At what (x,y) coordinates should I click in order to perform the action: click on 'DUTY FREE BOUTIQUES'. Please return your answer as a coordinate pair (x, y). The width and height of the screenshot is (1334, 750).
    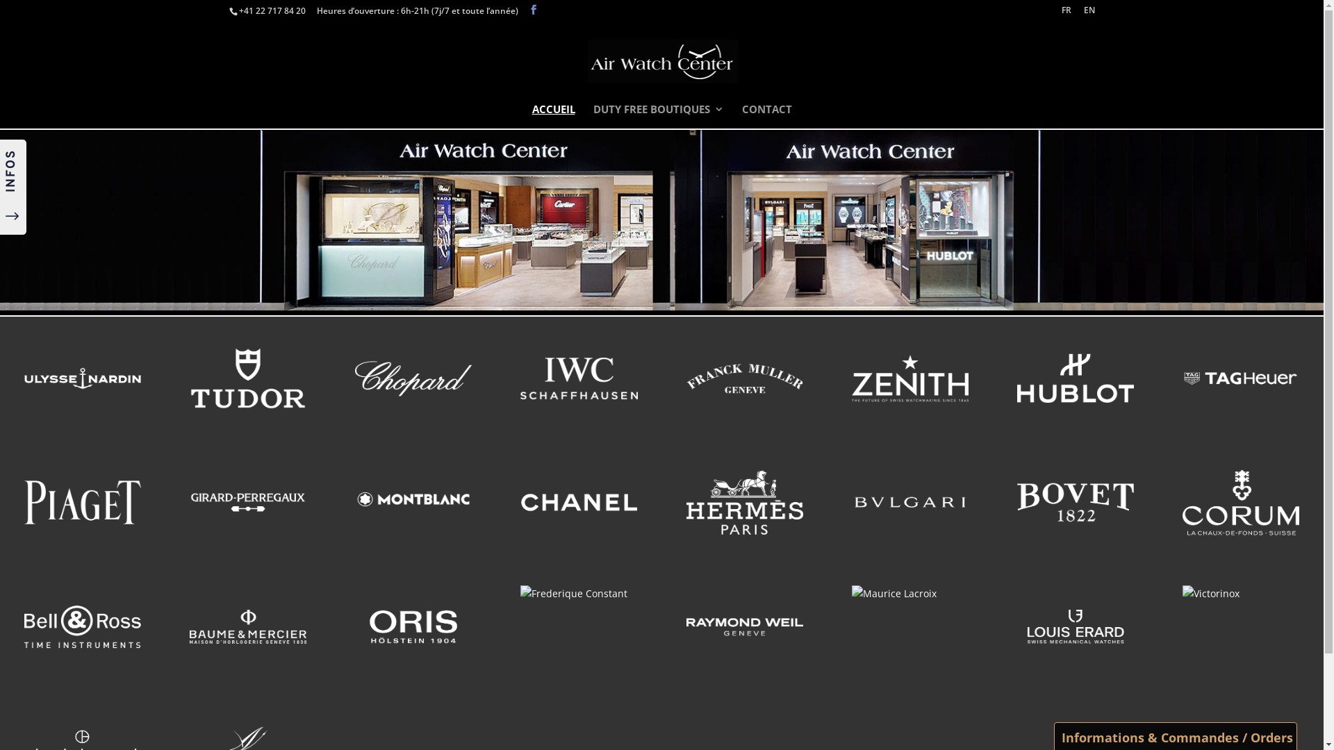
    Looking at the image, I should click on (658, 115).